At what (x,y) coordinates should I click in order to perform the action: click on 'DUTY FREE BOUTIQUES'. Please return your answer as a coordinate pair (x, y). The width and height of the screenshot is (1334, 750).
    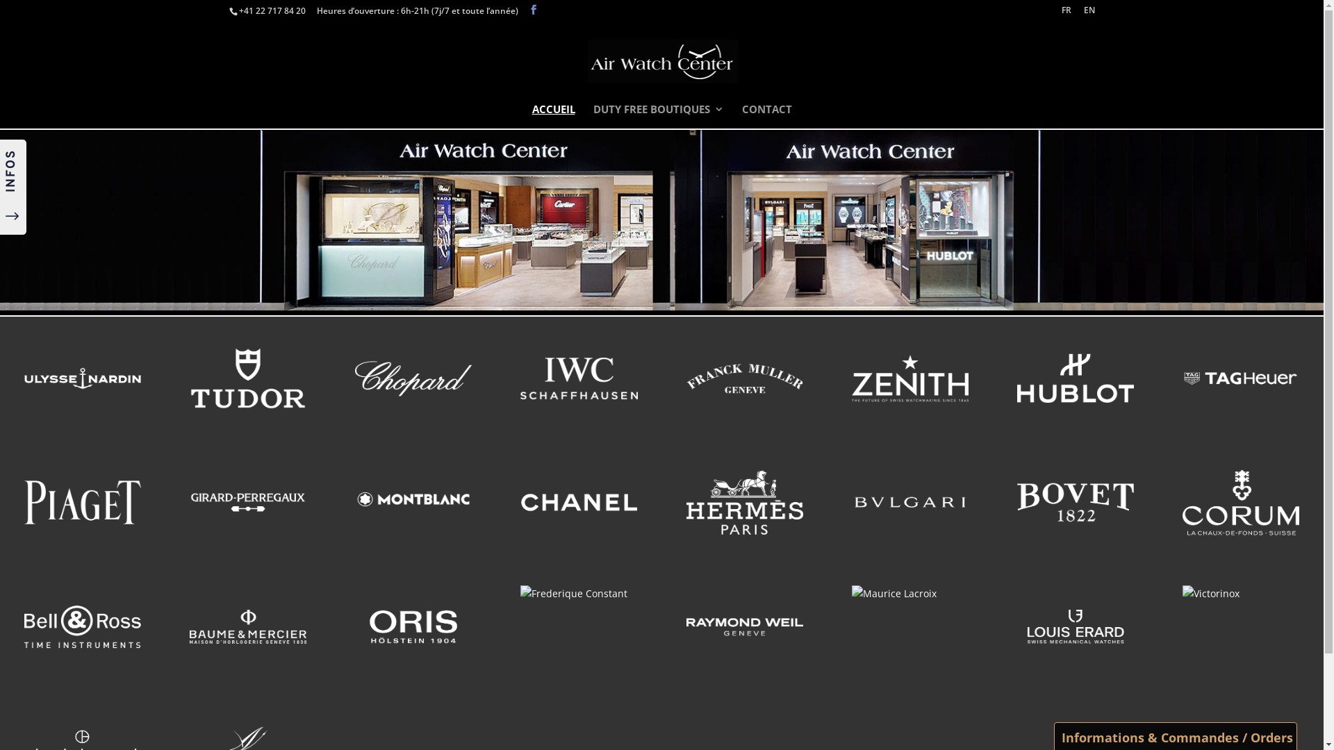
    Looking at the image, I should click on (658, 115).